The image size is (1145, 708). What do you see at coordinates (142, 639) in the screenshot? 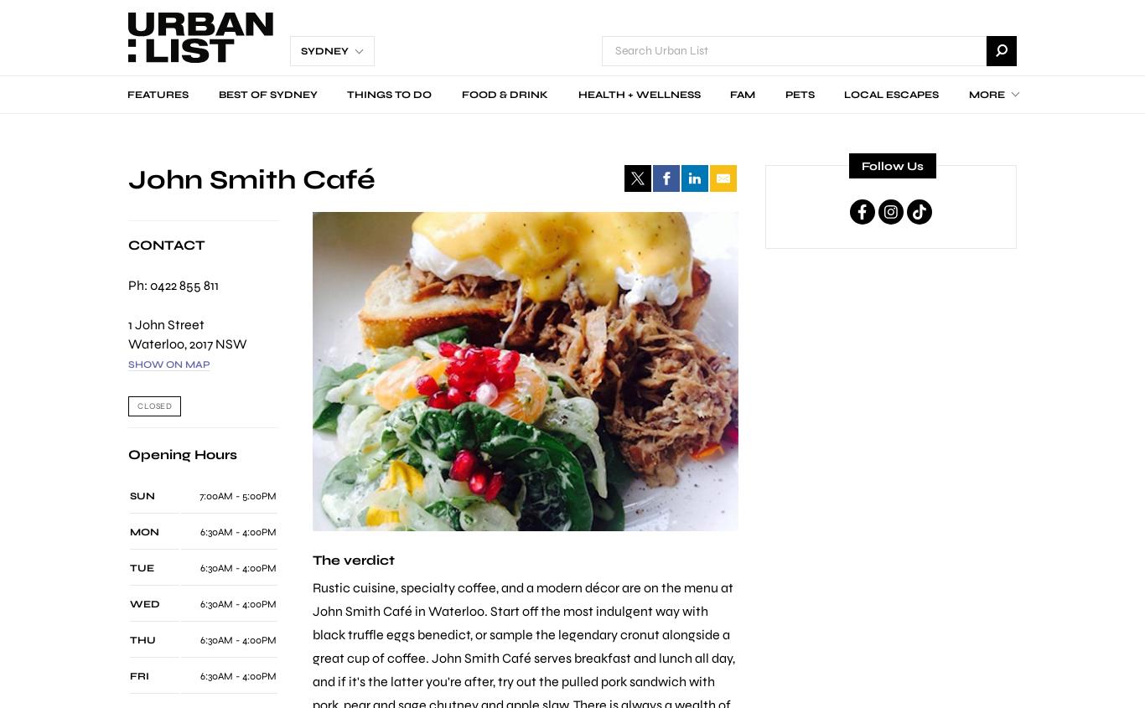
I see `'THU'` at bounding box center [142, 639].